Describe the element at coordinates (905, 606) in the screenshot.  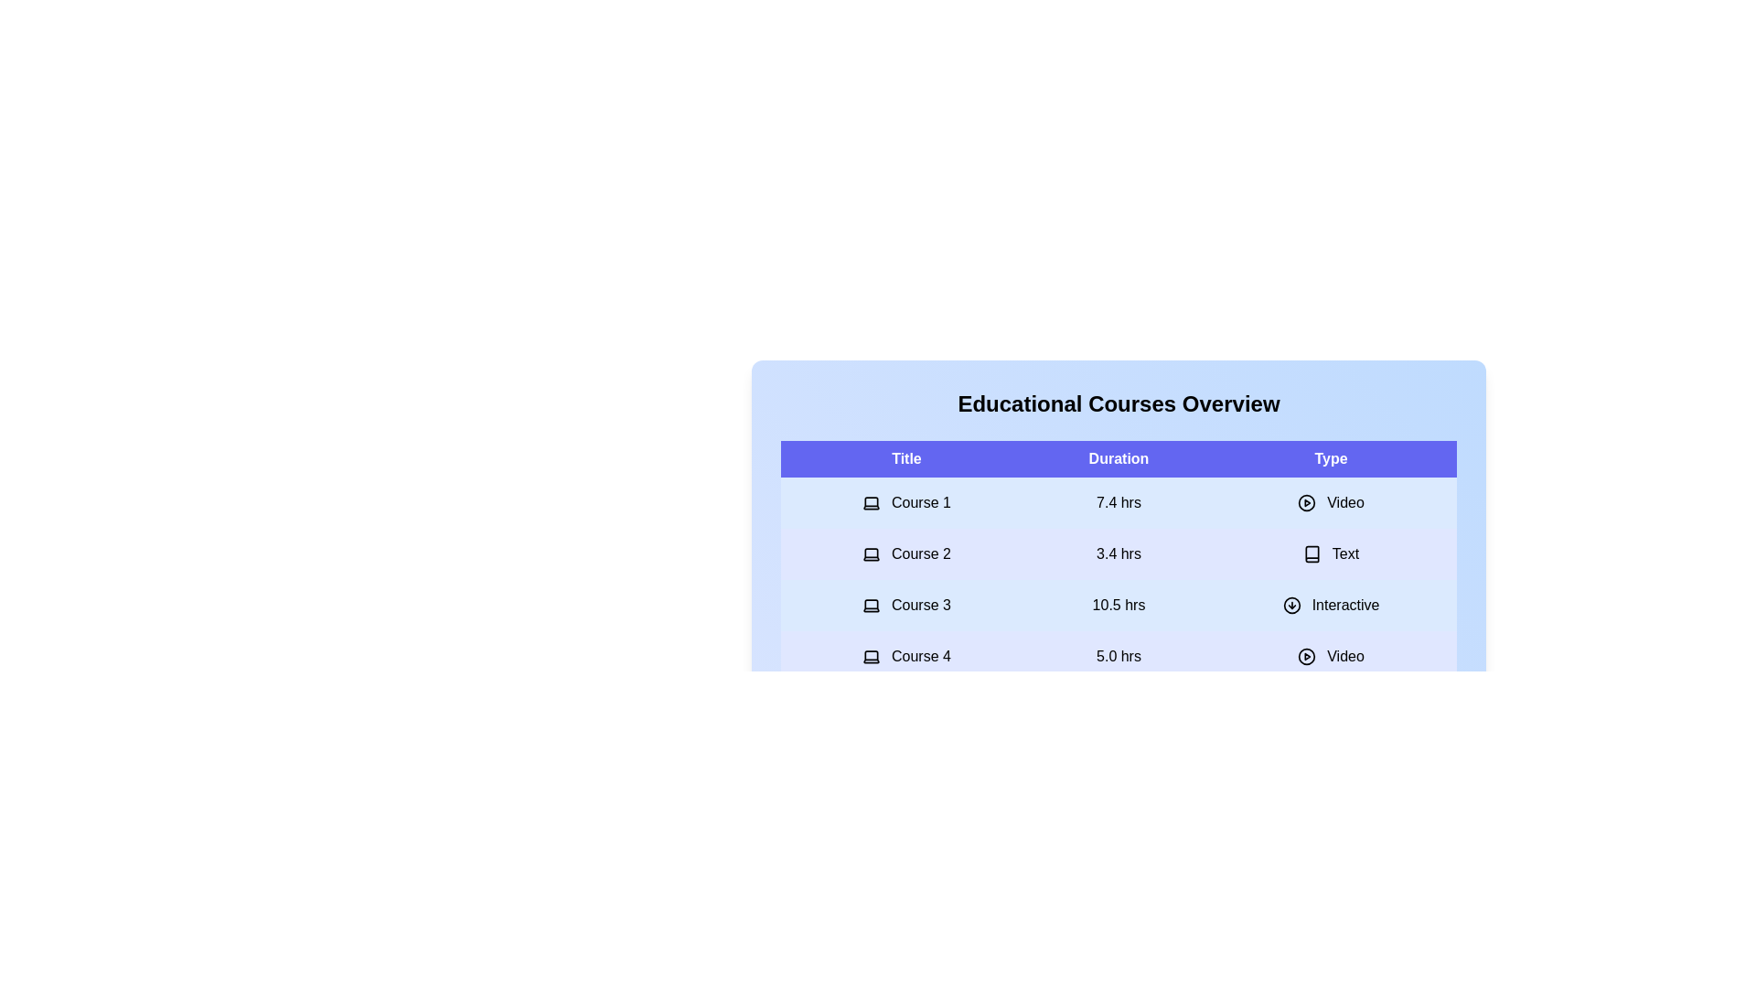
I see `the row corresponding to the course title Course 3` at that location.